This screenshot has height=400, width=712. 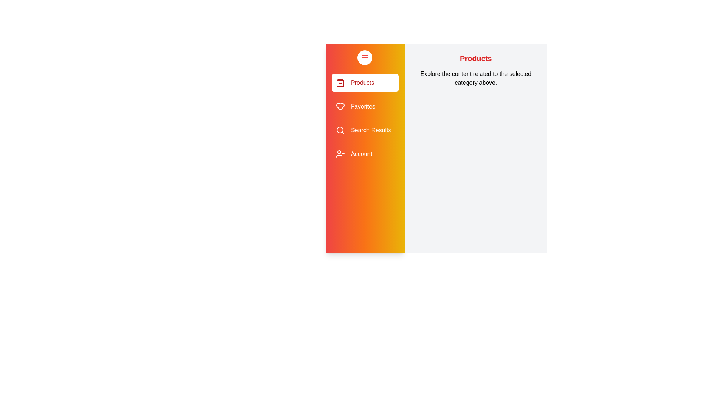 What do you see at coordinates (340, 130) in the screenshot?
I see `the sidebar icon for Search Results to navigate to the corresponding section` at bounding box center [340, 130].